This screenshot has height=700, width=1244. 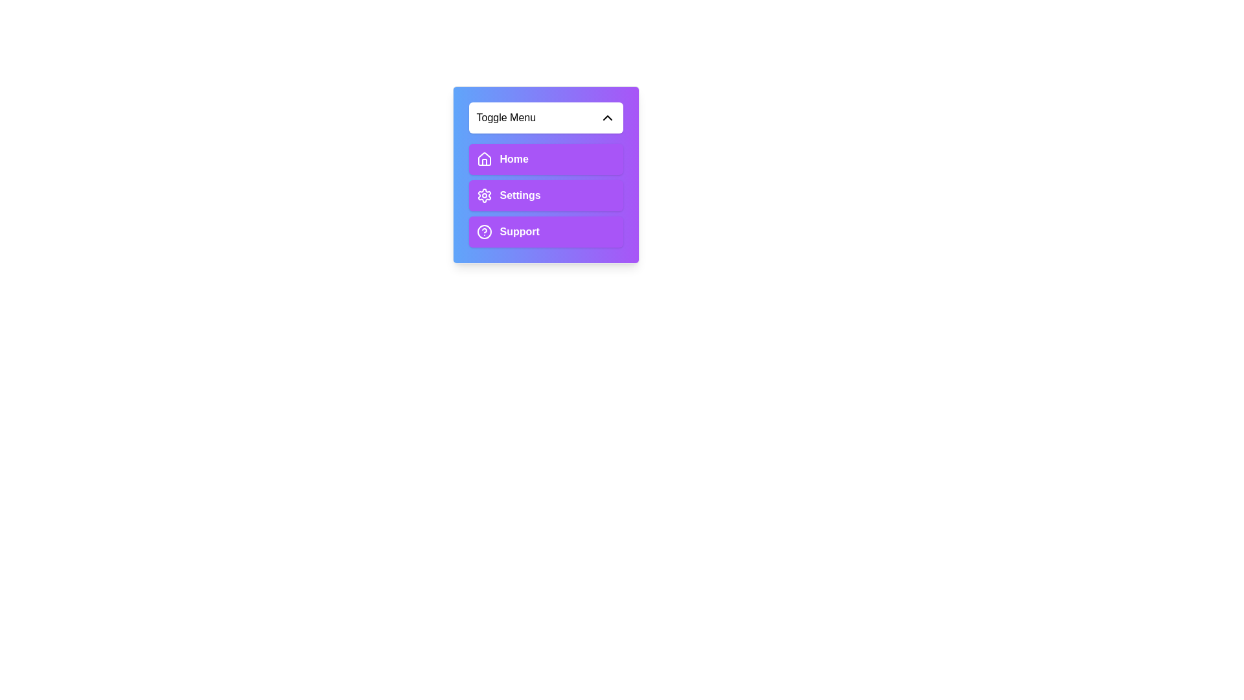 What do you see at coordinates (483, 195) in the screenshot?
I see `the 'Settings' button, which is the second option in the vertical menu, to visually indicate the settings functionality of the application` at bounding box center [483, 195].